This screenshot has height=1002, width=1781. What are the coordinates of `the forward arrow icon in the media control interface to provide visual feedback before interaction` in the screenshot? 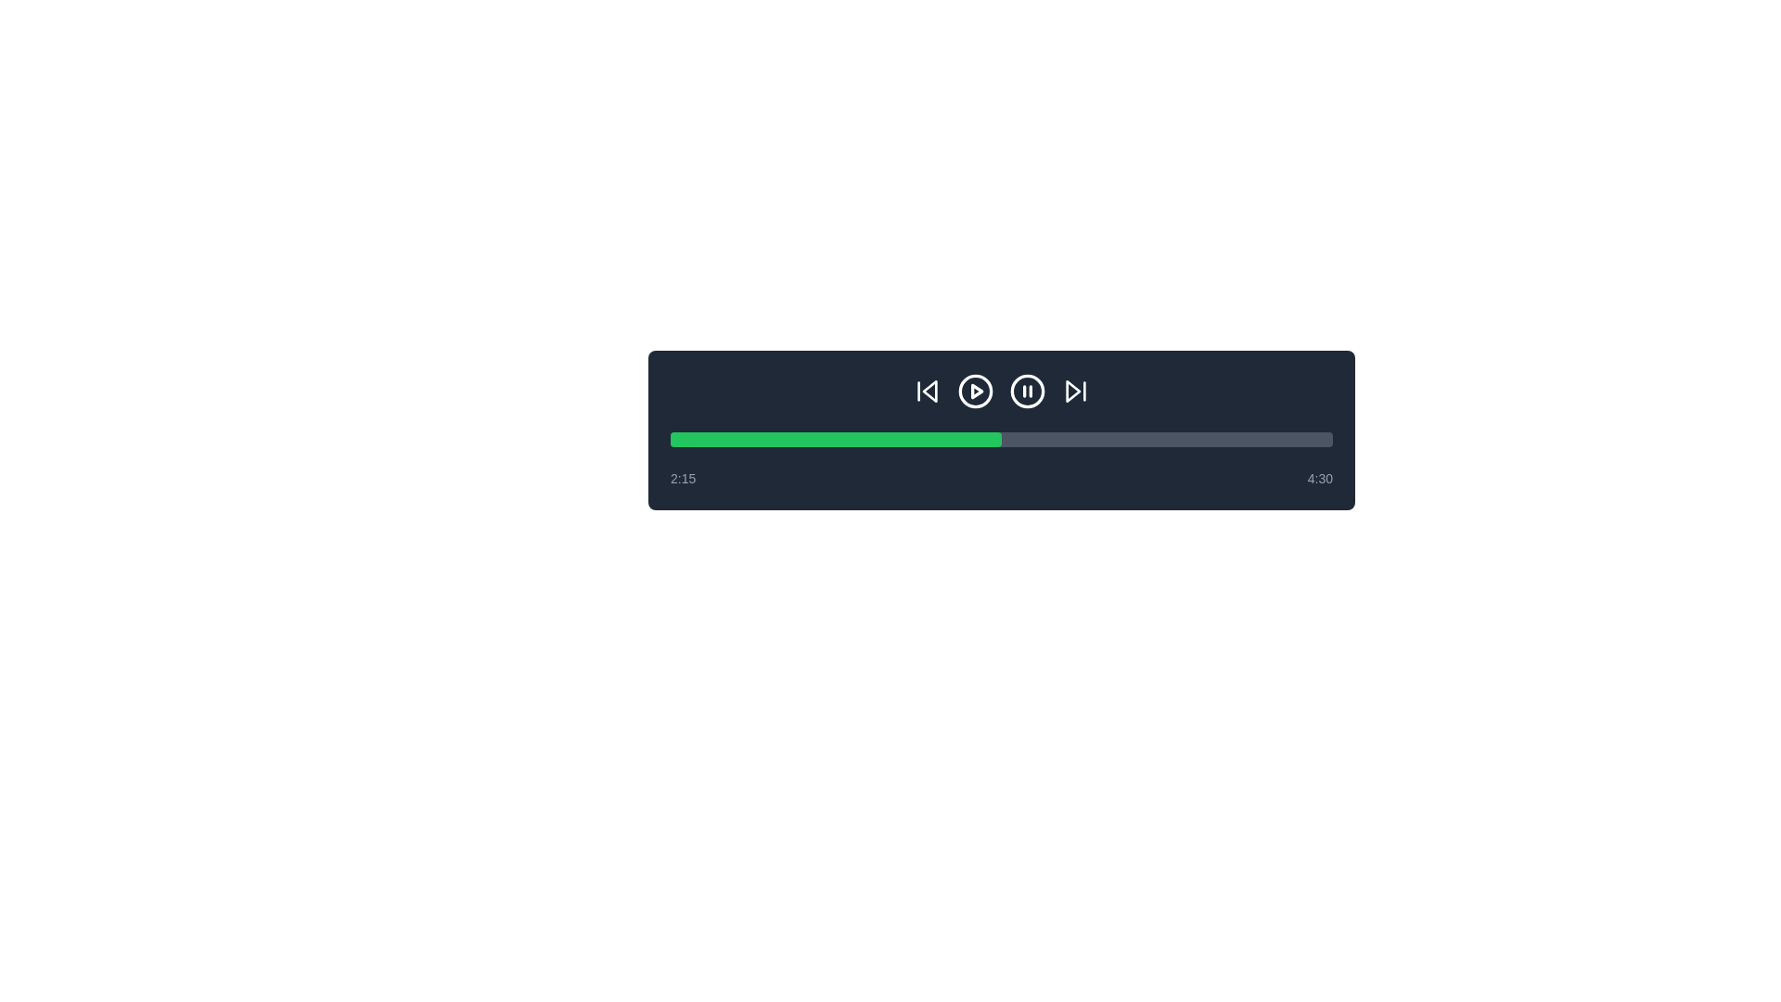 It's located at (1073, 390).